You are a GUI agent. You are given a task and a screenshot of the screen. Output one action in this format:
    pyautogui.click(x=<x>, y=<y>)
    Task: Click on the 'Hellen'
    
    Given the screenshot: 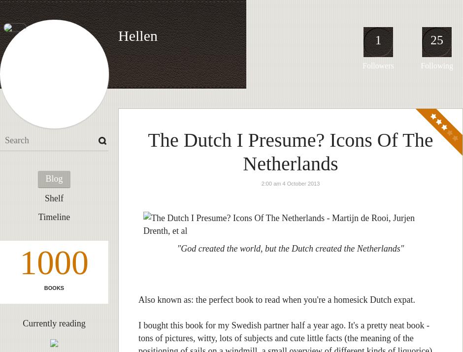 What is the action you would take?
    pyautogui.click(x=137, y=35)
    